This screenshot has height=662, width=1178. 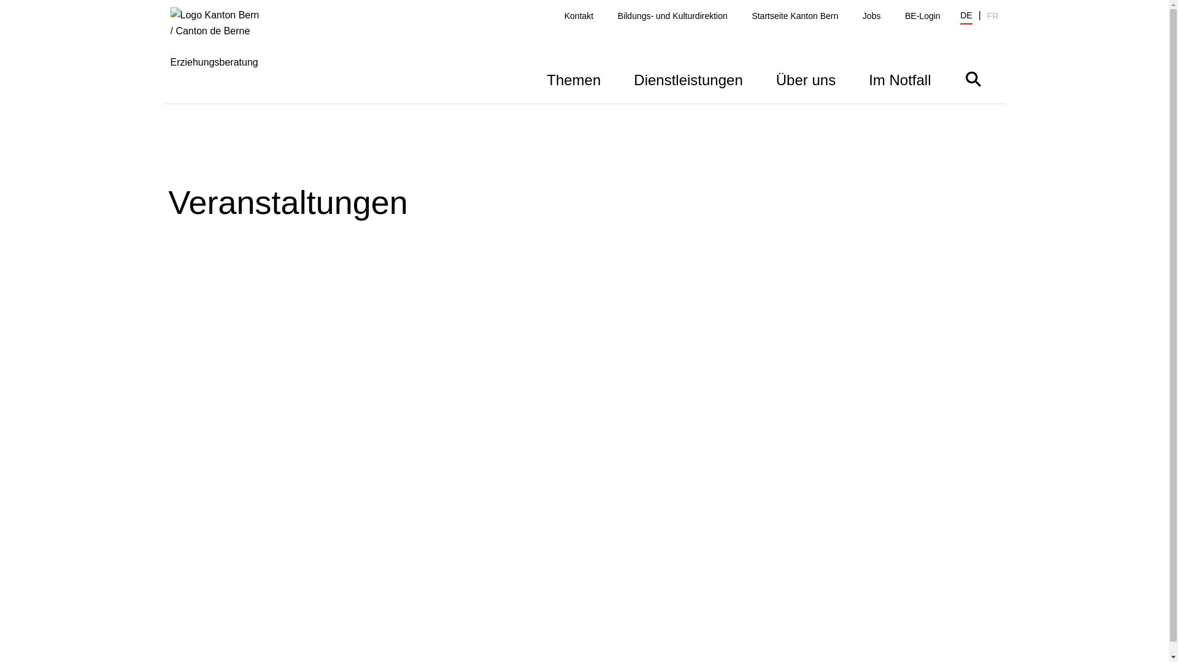 I want to click on 'Im Notfall', so click(x=899, y=78).